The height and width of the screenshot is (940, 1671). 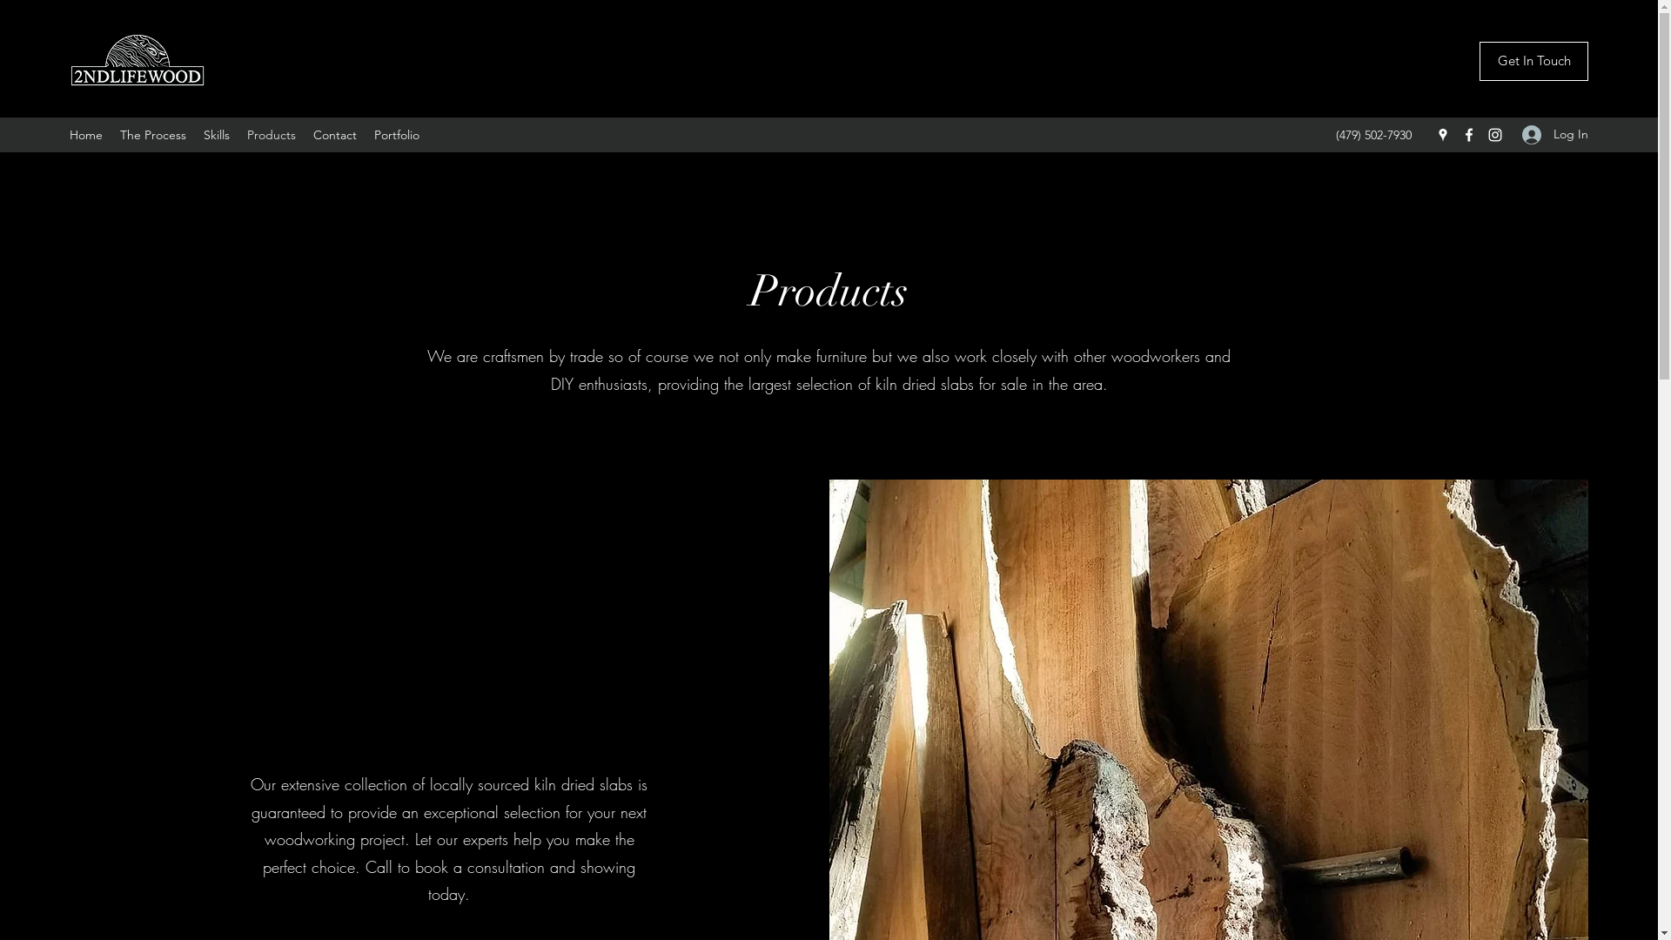 What do you see at coordinates (271, 133) in the screenshot?
I see `'Products'` at bounding box center [271, 133].